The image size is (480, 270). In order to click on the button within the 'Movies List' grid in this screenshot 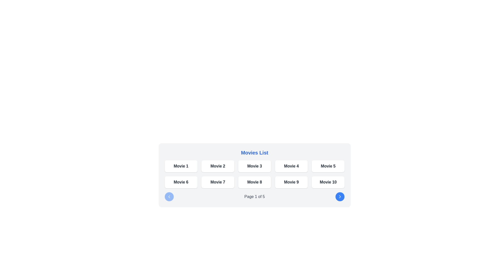, I will do `click(254, 174)`.